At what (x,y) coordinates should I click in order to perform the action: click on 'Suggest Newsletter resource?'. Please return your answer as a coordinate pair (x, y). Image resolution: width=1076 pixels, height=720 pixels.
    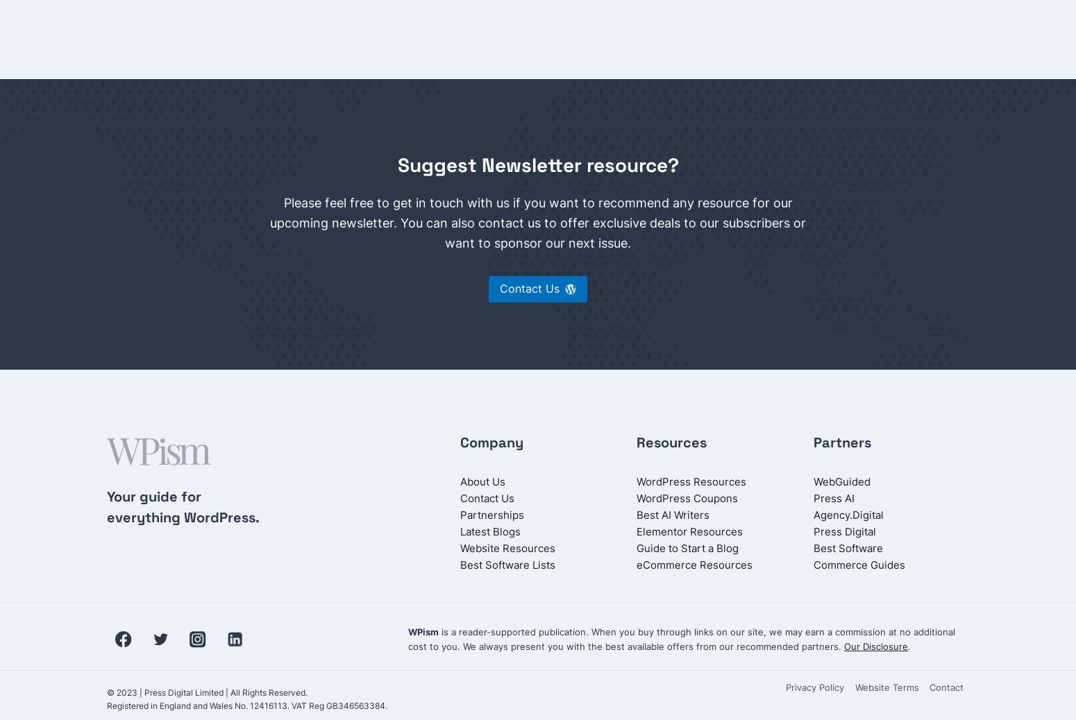
    Looking at the image, I should click on (537, 164).